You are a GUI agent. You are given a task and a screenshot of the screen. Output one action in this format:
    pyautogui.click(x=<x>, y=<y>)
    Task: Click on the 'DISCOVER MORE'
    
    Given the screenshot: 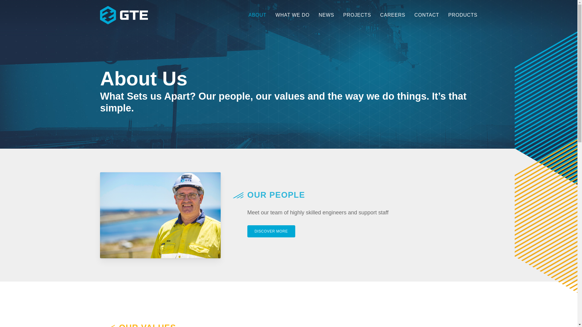 What is the action you would take?
    pyautogui.click(x=271, y=231)
    